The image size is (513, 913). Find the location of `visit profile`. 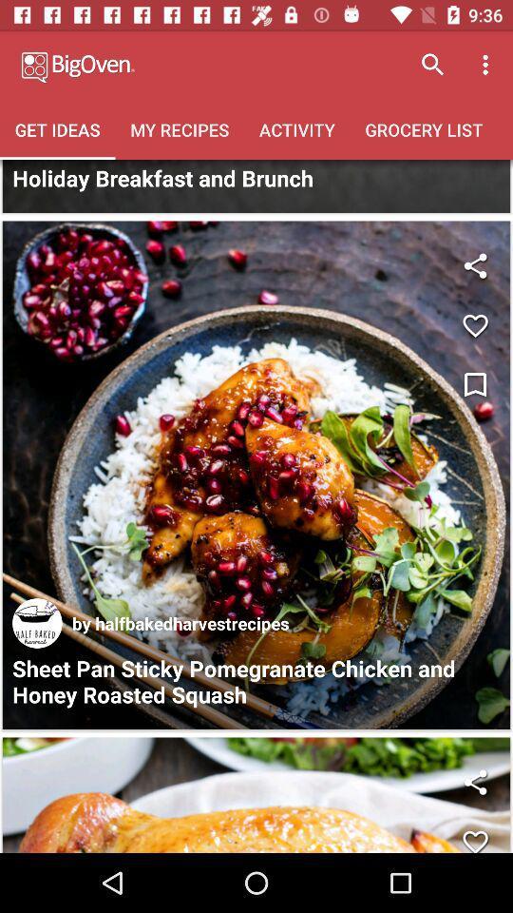

visit profile is located at coordinates (37, 622).